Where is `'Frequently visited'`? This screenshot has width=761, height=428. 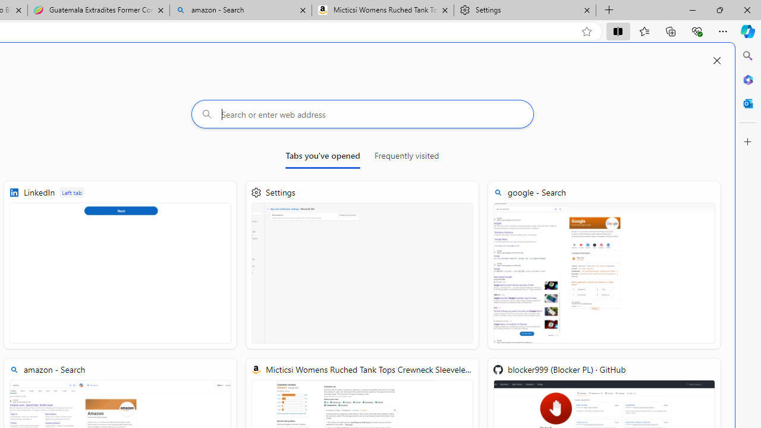
'Frequently visited' is located at coordinates (406, 158).